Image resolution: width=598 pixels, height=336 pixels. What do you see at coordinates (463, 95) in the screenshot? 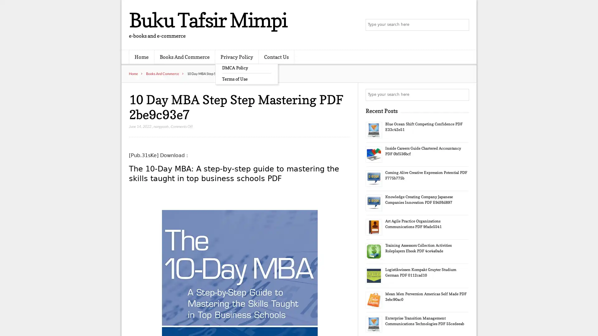
I see `Search` at bounding box center [463, 95].